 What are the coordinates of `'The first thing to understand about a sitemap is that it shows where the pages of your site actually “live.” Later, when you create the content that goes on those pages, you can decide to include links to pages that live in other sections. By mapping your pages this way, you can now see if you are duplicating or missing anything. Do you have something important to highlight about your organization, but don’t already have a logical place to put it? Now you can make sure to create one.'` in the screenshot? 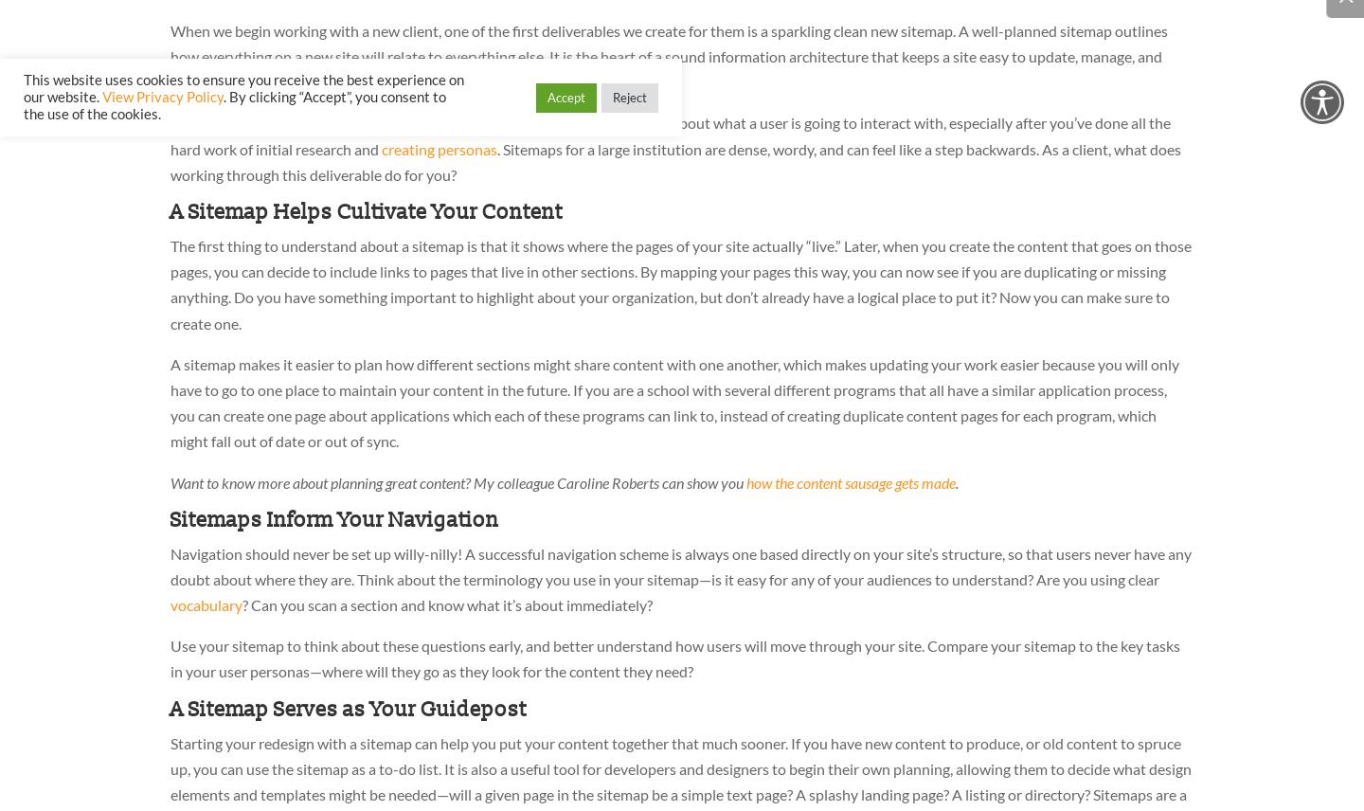 It's located at (680, 284).